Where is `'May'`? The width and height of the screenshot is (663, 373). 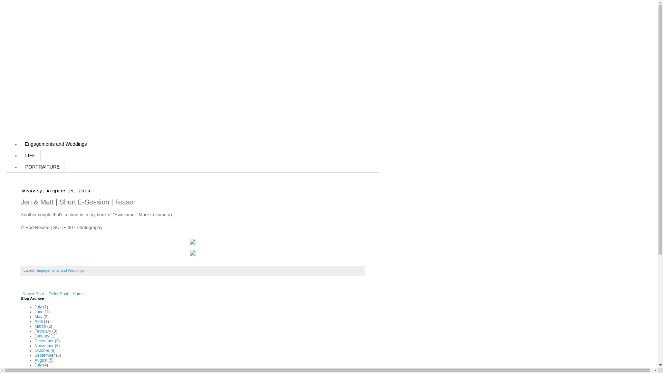
'May' is located at coordinates (38, 317).